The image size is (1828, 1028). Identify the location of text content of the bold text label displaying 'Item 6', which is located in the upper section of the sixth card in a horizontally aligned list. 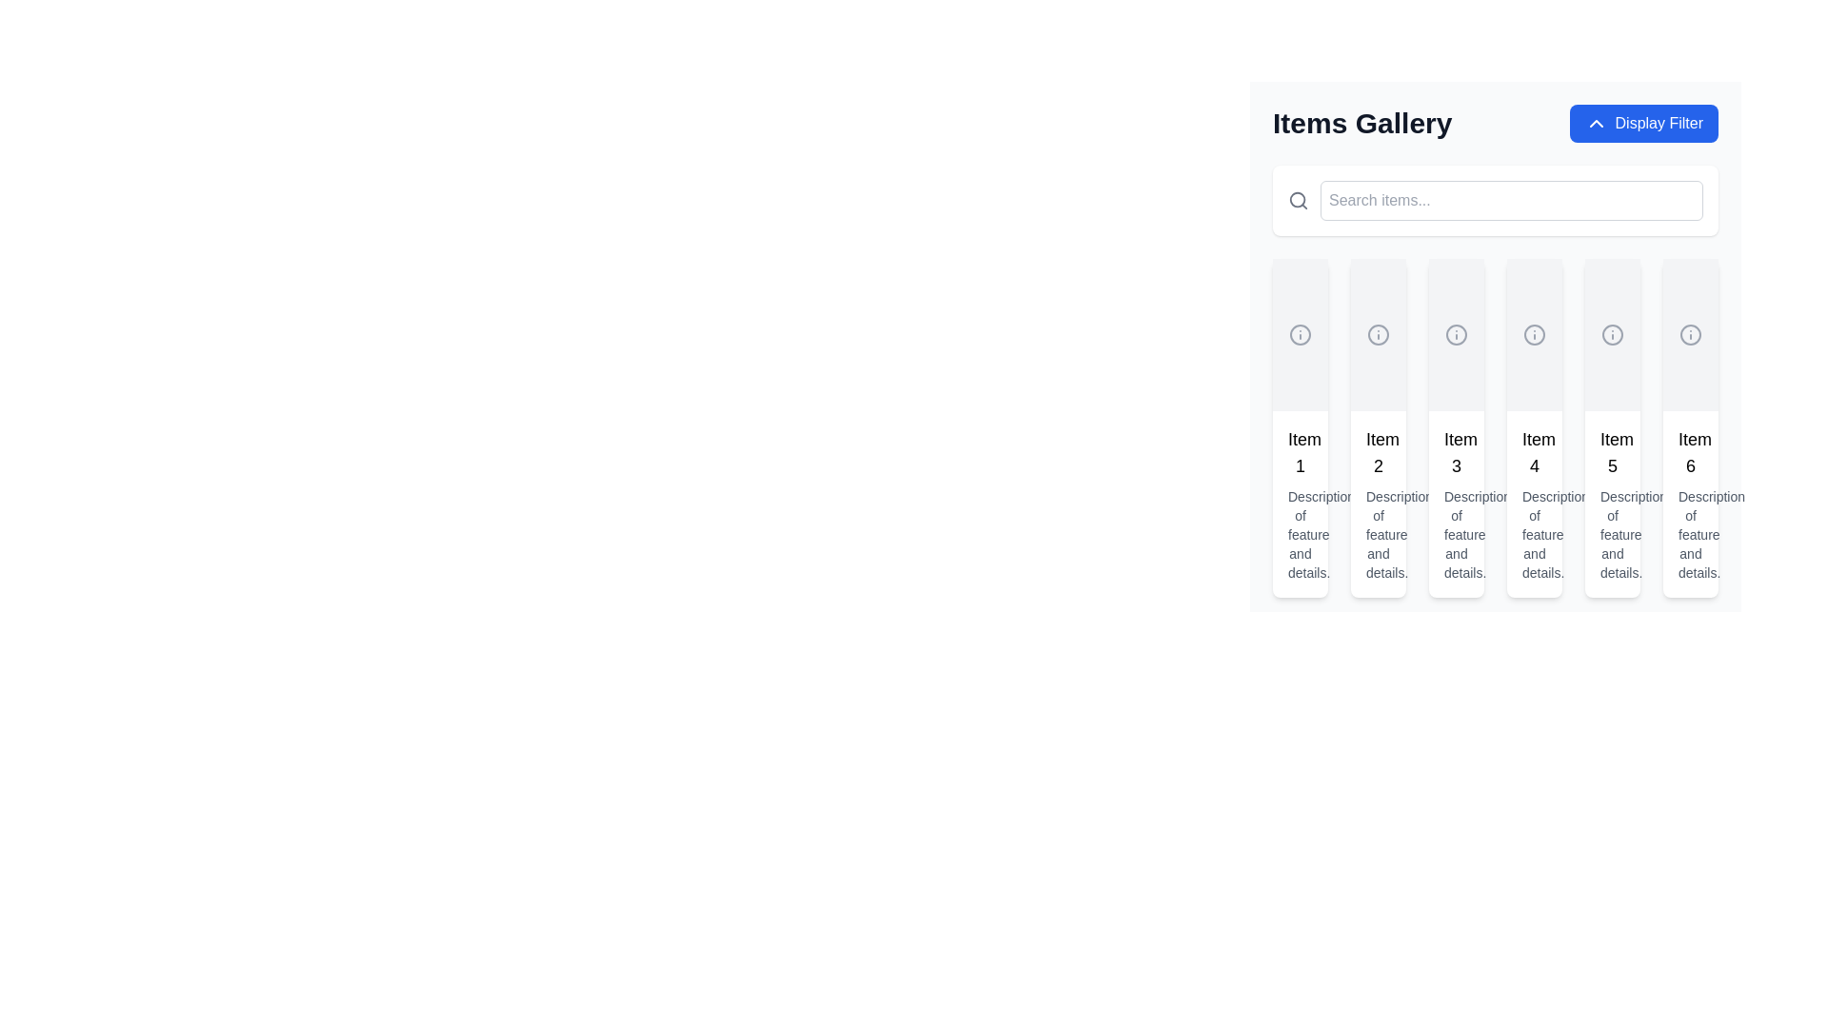
(1691, 452).